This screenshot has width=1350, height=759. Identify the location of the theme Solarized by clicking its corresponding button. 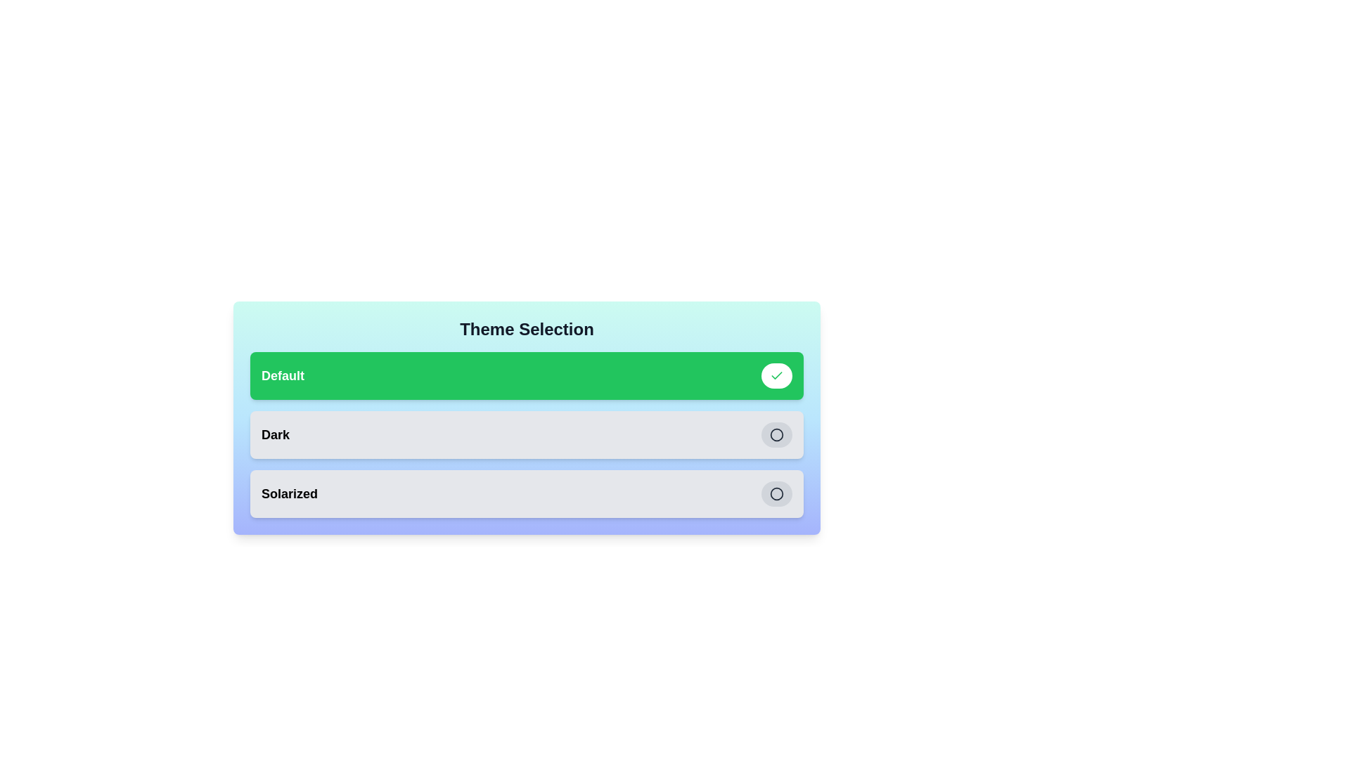
(776, 493).